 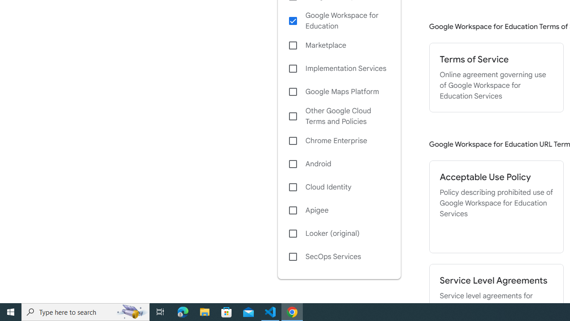 What do you see at coordinates (338, 210) in the screenshot?
I see `'Apigee'` at bounding box center [338, 210].